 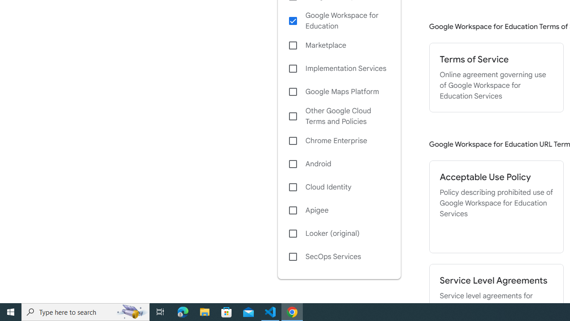 What do you see at coordinates (338, 210) in the screenshot?
I see `'Apigee'` at bounding box center [338, 210].